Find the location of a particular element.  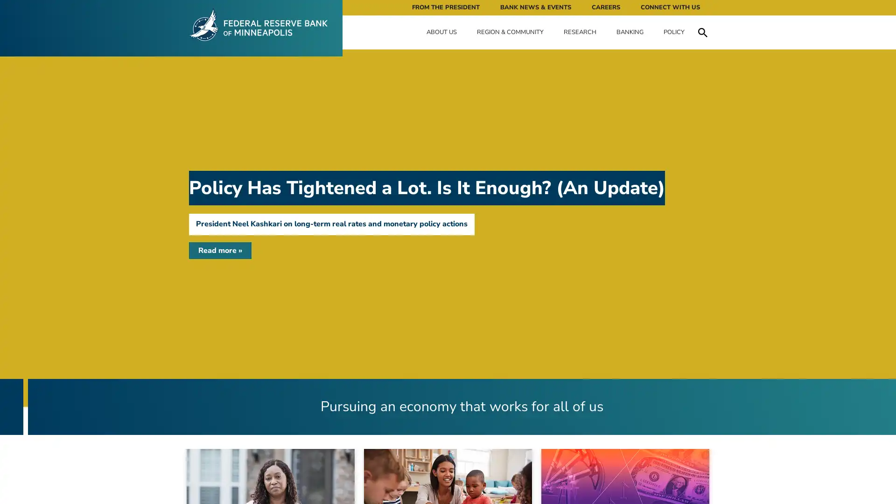

Toggle Search is located at coordinates (702, 32).